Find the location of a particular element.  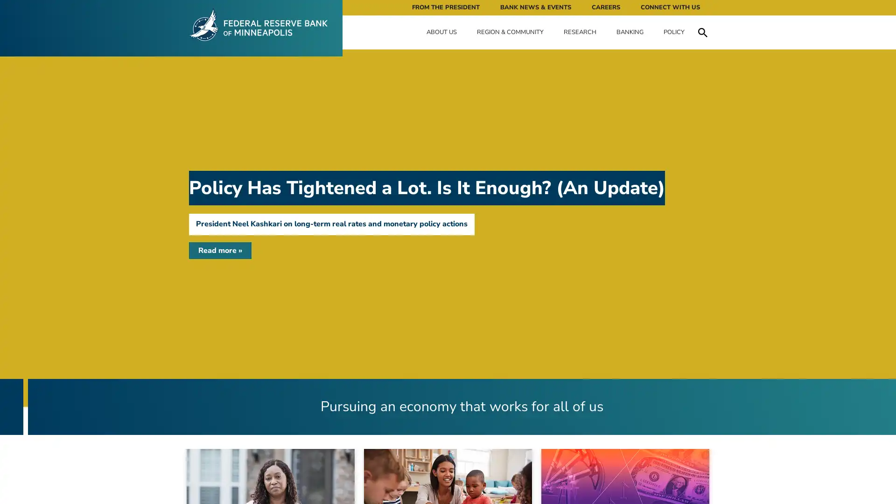

Toggle Search is located at coordinates (702, 32).